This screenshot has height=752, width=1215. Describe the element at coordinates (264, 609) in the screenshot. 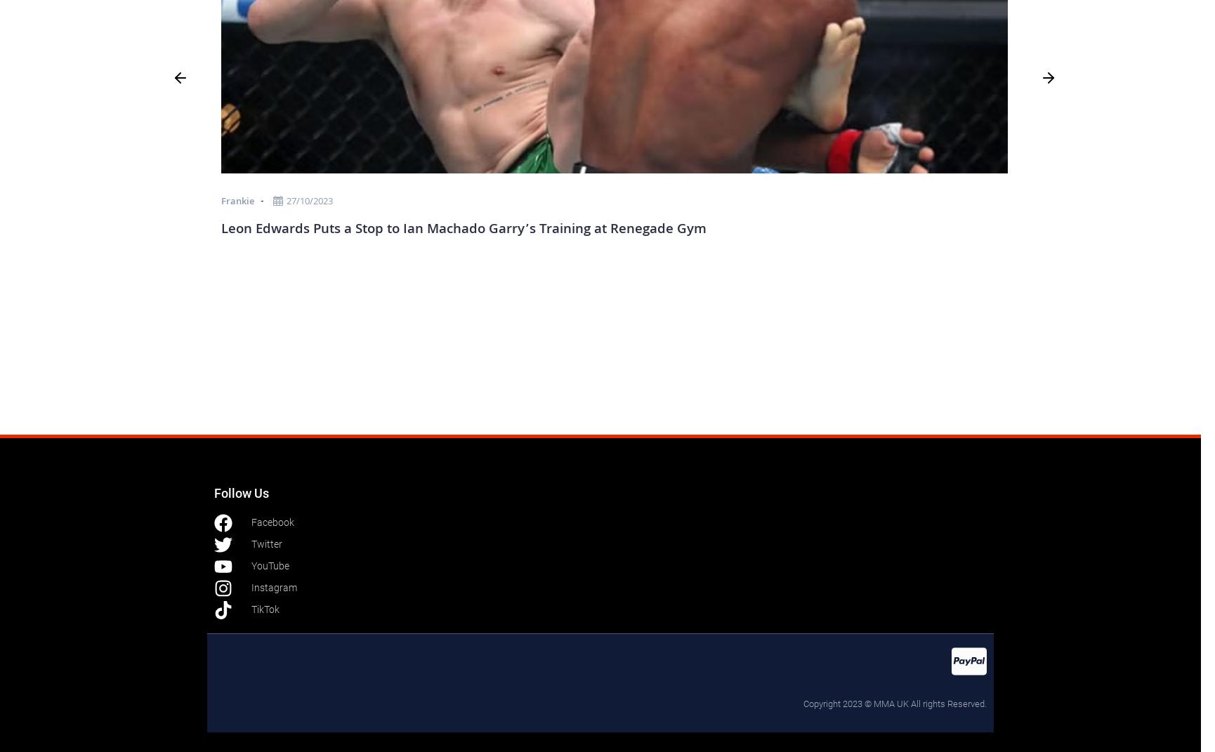

I see `'TikTok'` at that location.